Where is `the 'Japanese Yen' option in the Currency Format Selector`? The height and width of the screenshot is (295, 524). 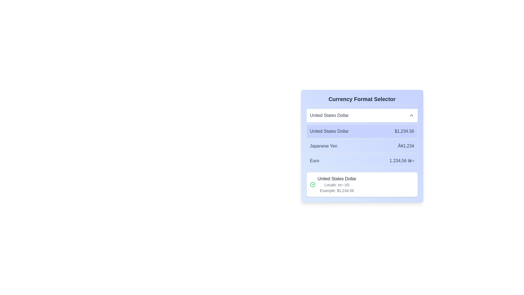
the 'Japanese Yen' option in the Currency Format Selector is located at coordinates (362, 146).